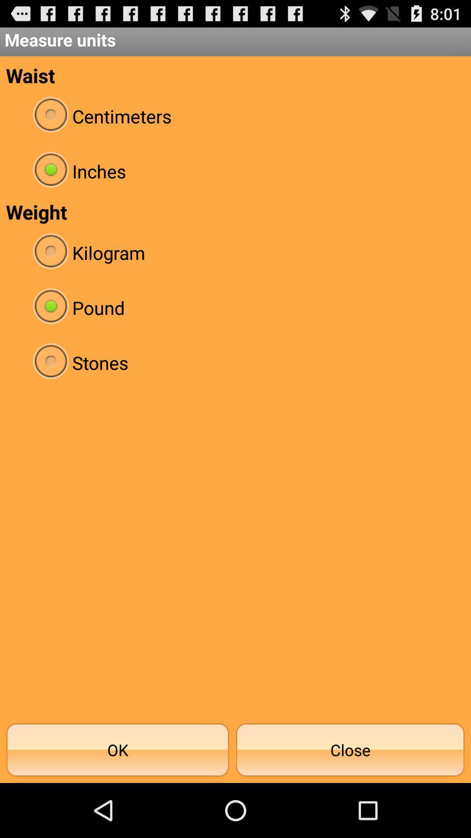 Image resolution: width=471 pixels, height=838 pixels. What do you see at coordinates (350, 749) in the screenshot?
I see `icon to the right of the ok icon` at bounding box center [350, 749].